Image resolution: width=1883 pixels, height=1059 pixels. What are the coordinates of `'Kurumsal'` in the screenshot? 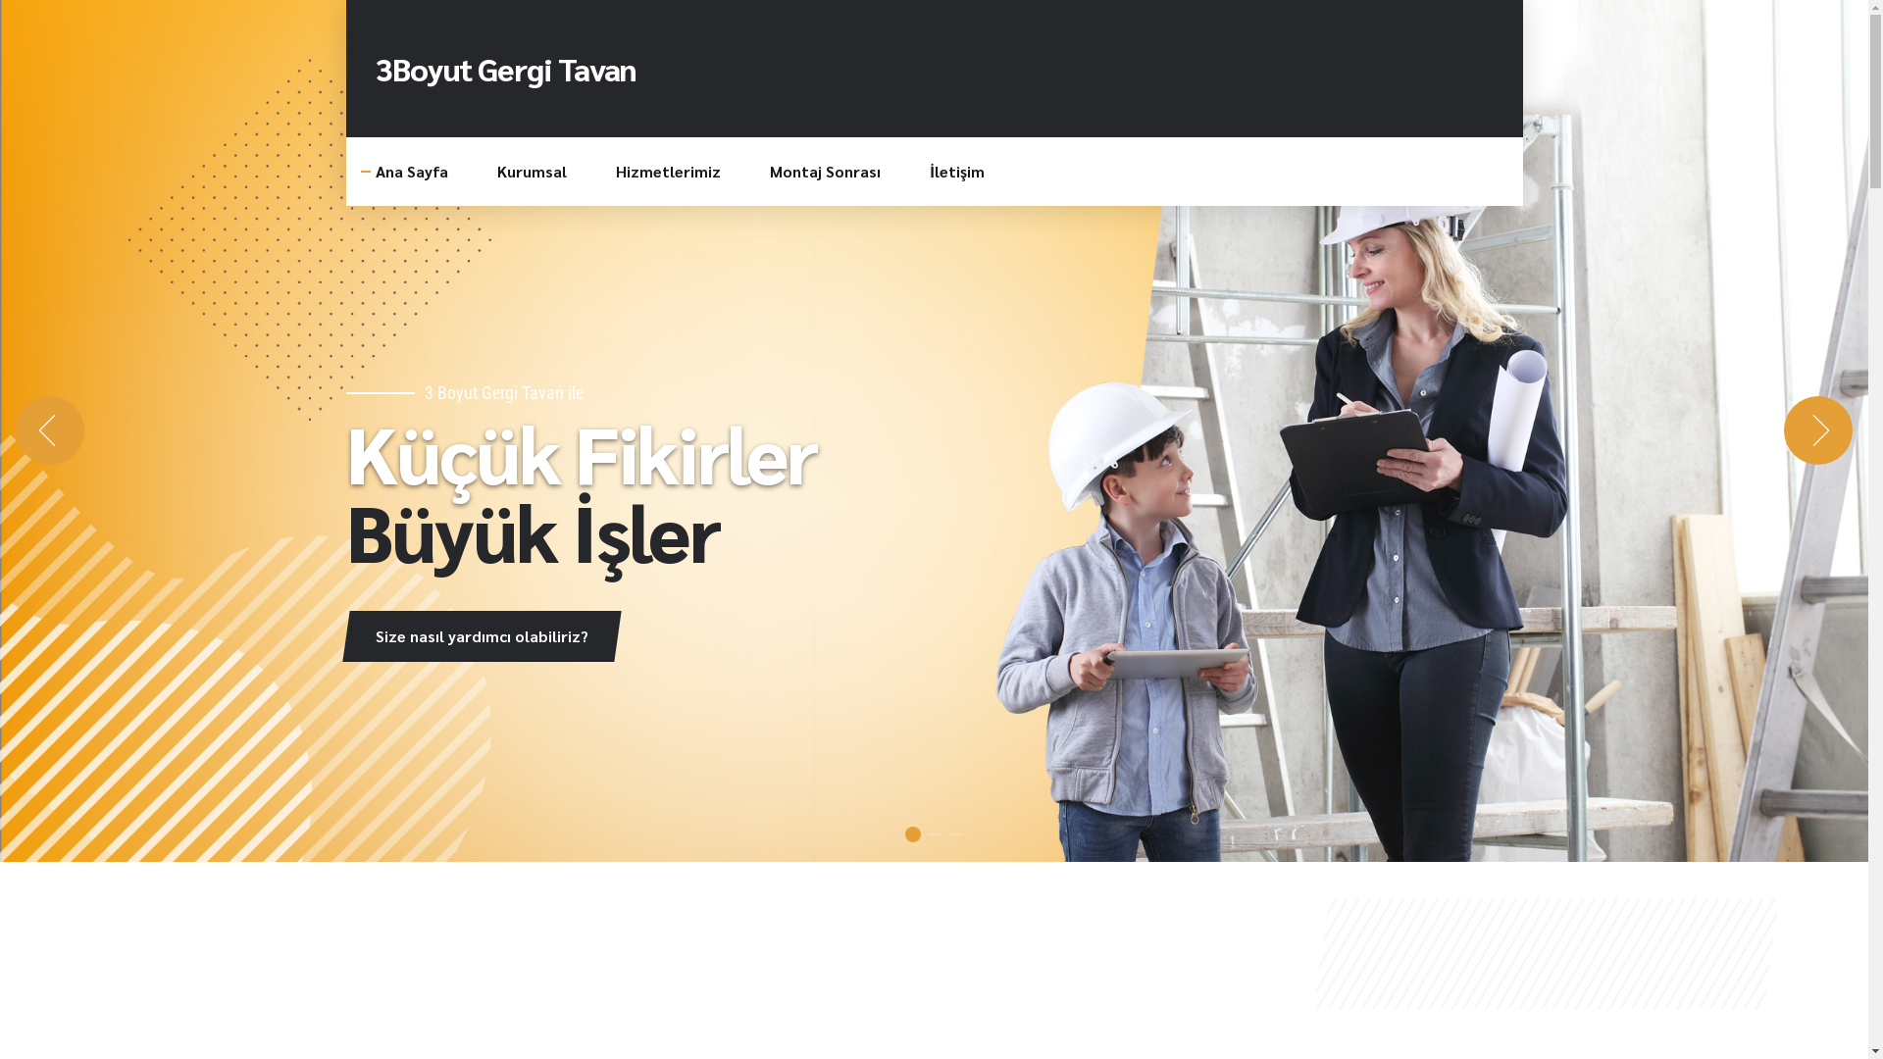 It's located at (531, 170).